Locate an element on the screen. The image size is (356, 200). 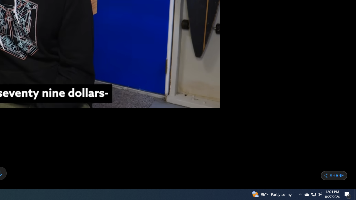
'Share on Twitter' is located at coordinates (311, 175).